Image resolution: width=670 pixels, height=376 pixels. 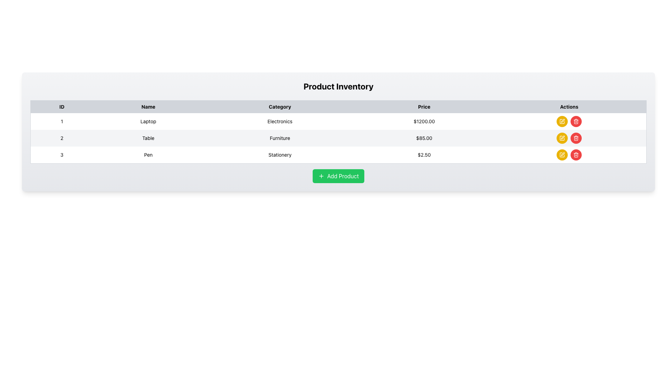 I want to click on the 'edit' or 'delete' button, so click(x=569, y=138).